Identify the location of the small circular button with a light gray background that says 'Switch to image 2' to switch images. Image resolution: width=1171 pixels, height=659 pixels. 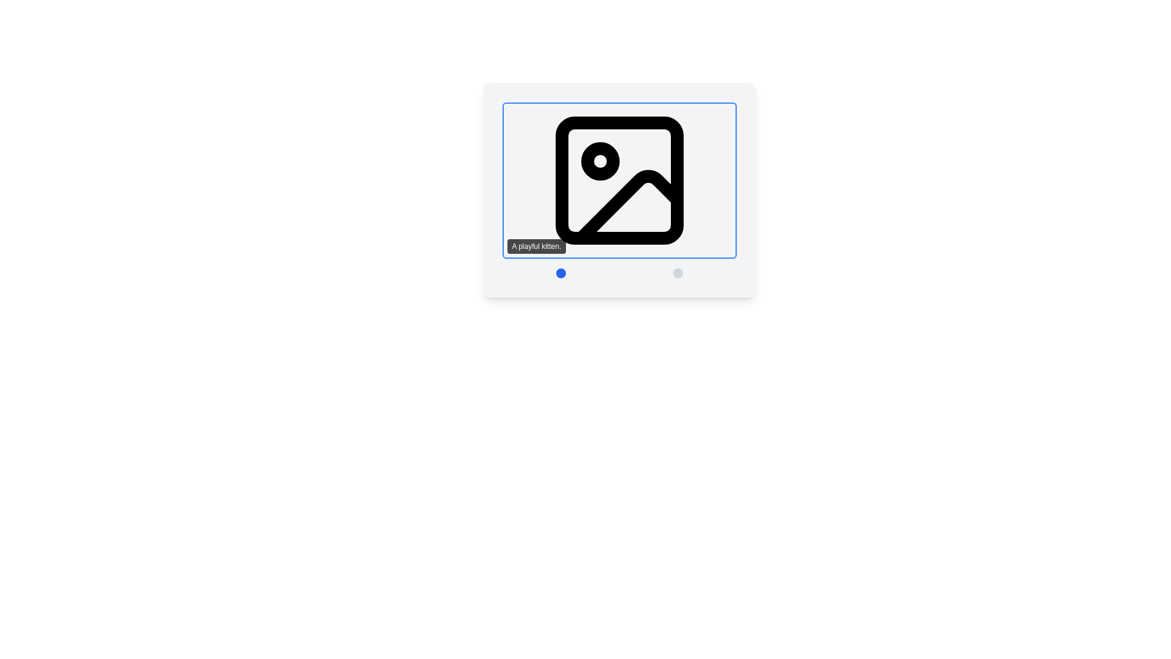
(677, 272).